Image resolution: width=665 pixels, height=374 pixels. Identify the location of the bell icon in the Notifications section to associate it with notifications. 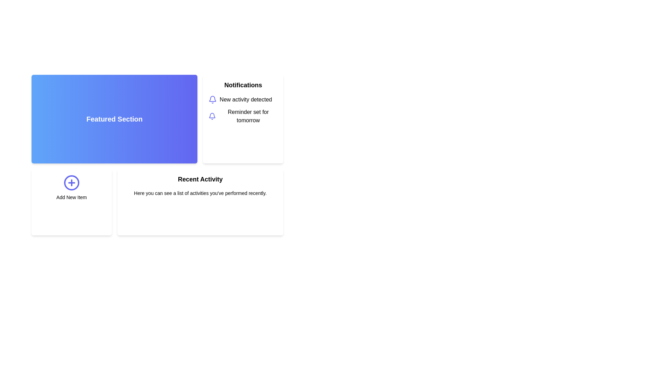
(212, 99).